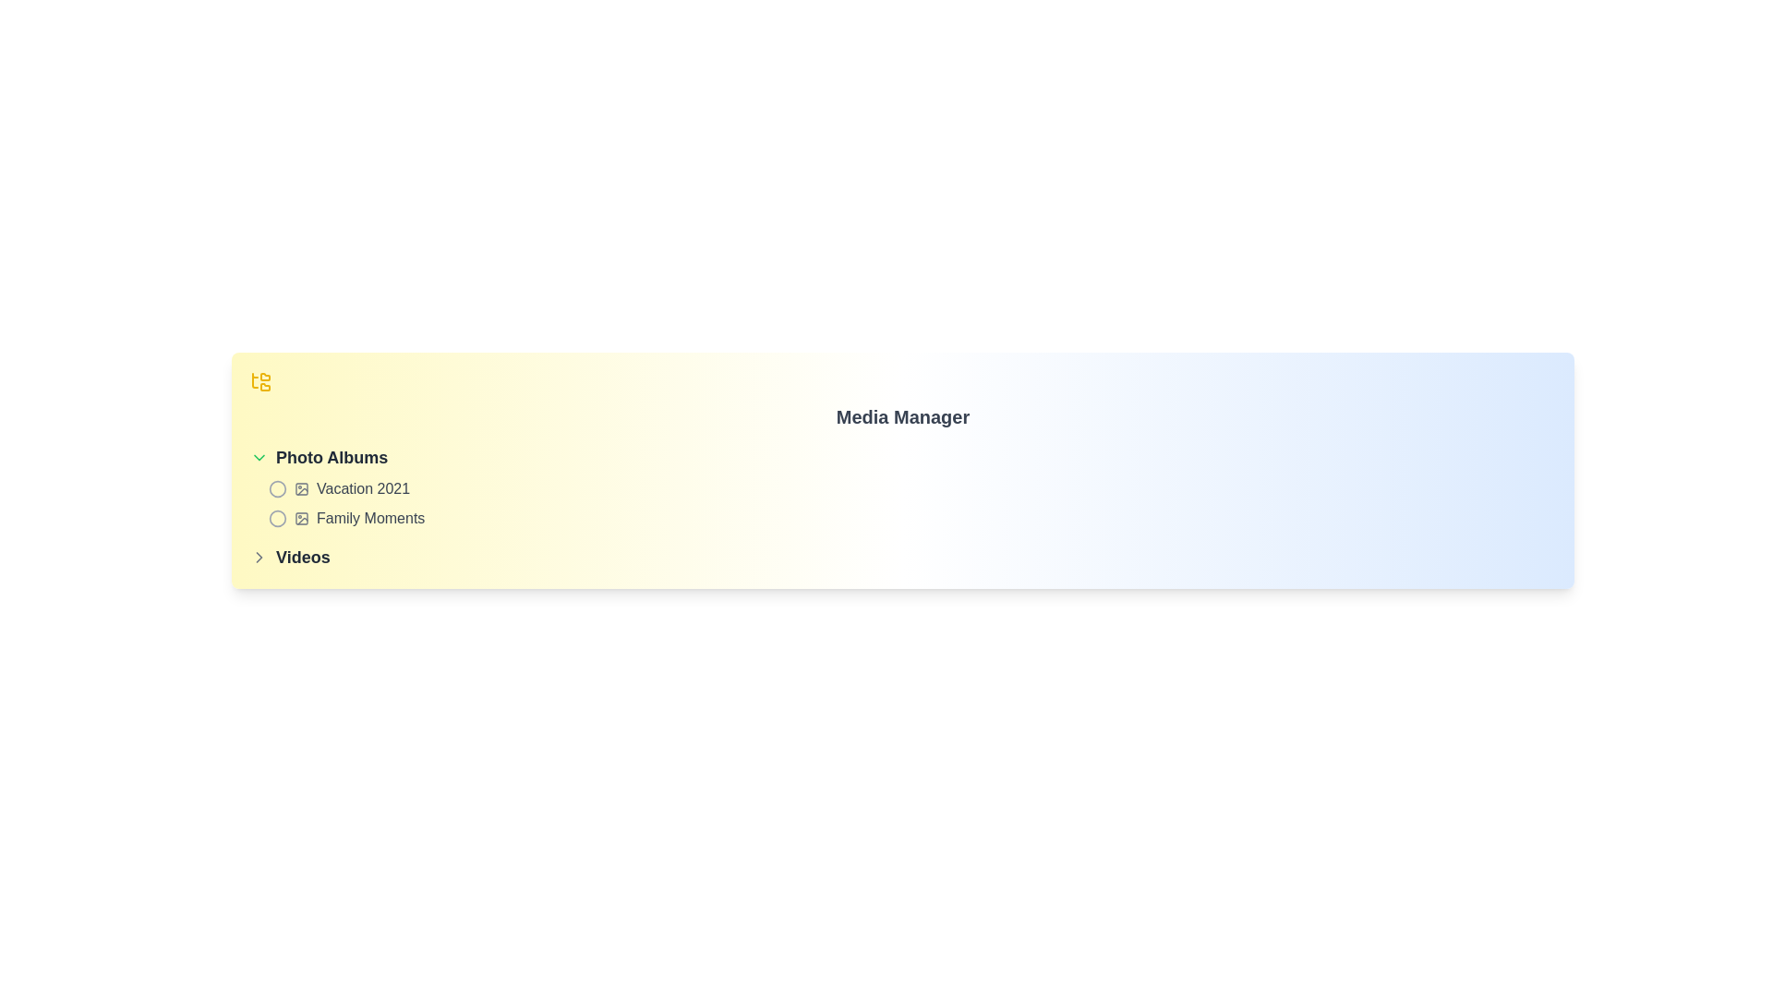  I want to click on the photo album icon located in the second row of the 'Photo Albums' section, to the left of the label 'Family Moments', so click(301, 519).